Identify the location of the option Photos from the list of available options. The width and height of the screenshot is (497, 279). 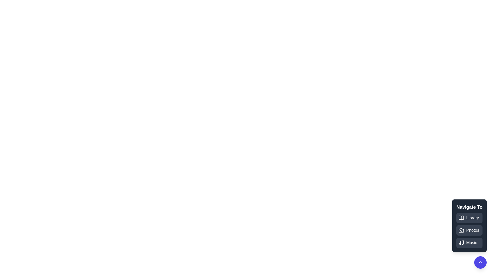
(469, 230).